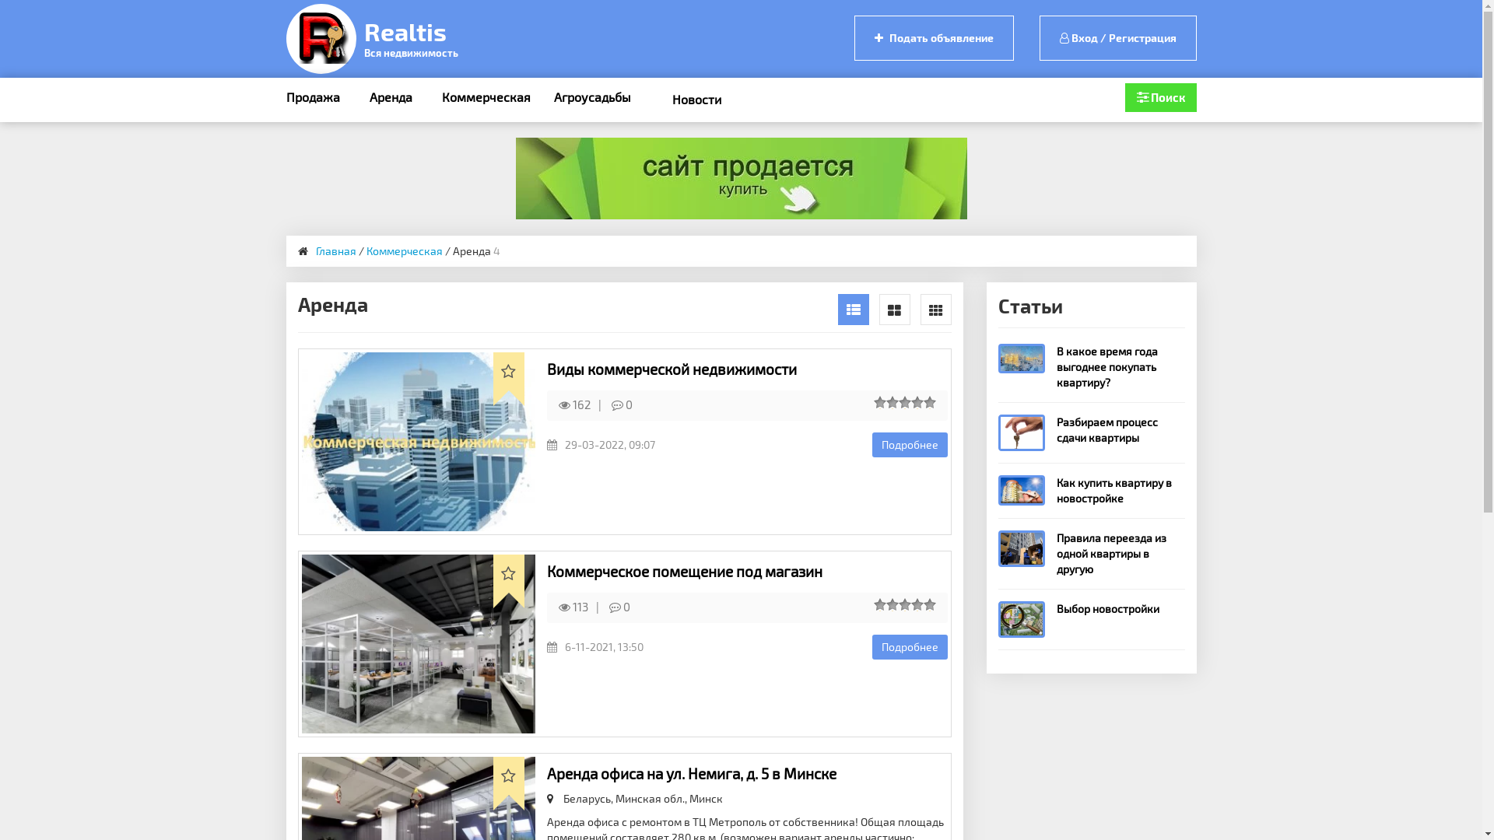 The width and height of the screenshot is (1494, 840). I want to click on '4', so click(920, 604).